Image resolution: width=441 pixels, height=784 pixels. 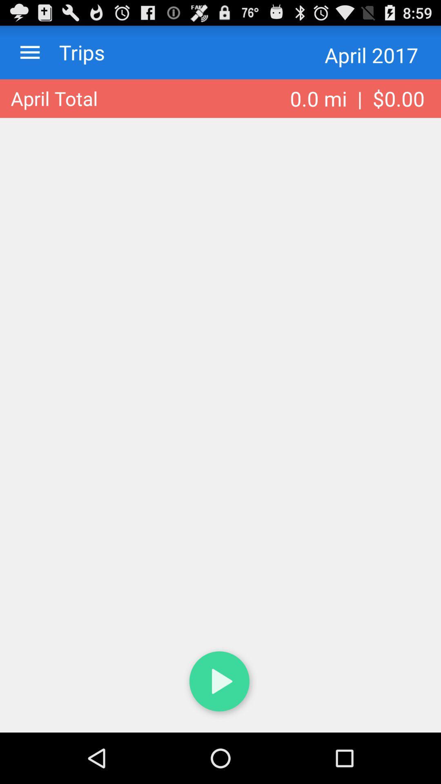 What do you see at coordinates (357, 98) in the screenshot?
I see `0 0 mi item` at bounding box center [357, 98].